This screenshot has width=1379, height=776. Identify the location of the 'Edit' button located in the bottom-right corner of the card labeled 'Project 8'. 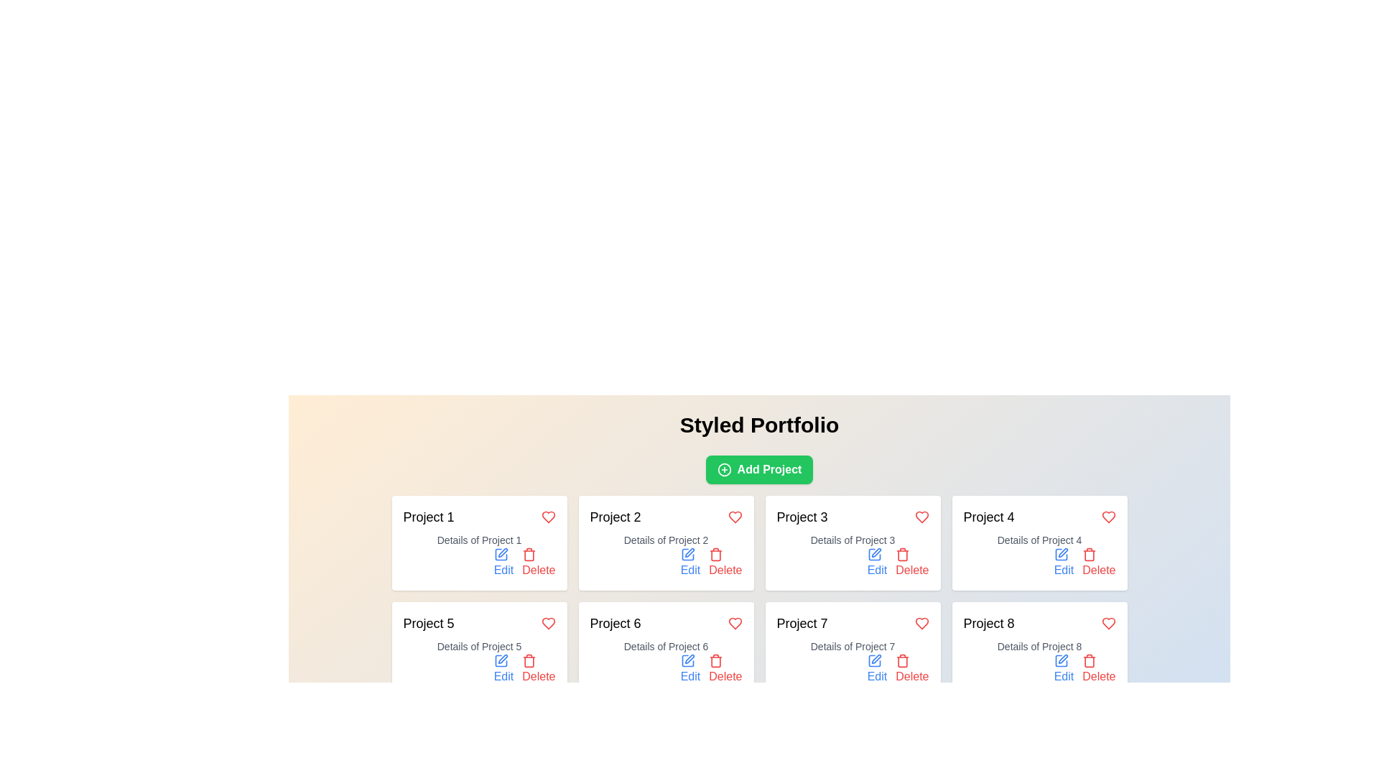
(1039, 670).